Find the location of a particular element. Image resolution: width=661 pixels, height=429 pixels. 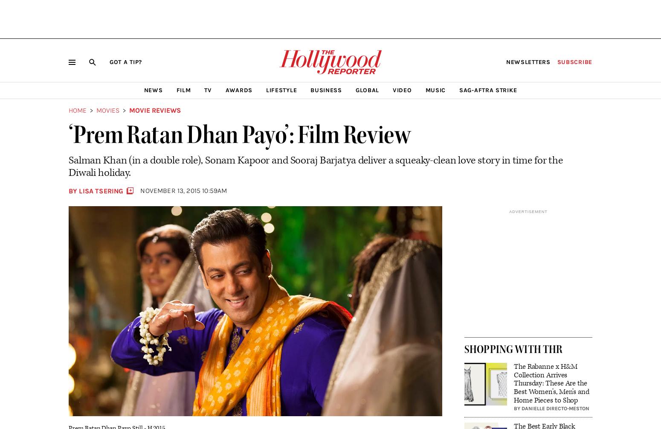

'Movie Reviews' is located at coordinates (154, 110).